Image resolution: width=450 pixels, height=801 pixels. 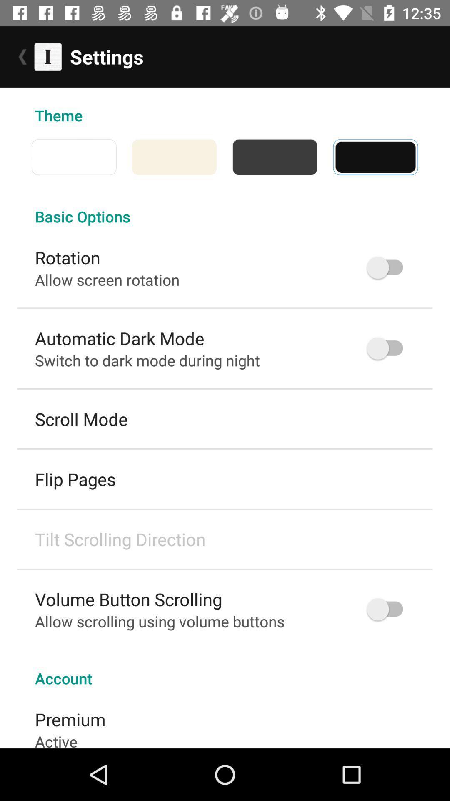 What do you see at coordinates (160, 621) in the screenshot?
I see `the allow scrolling using icon` at bounding box center [160, 621].